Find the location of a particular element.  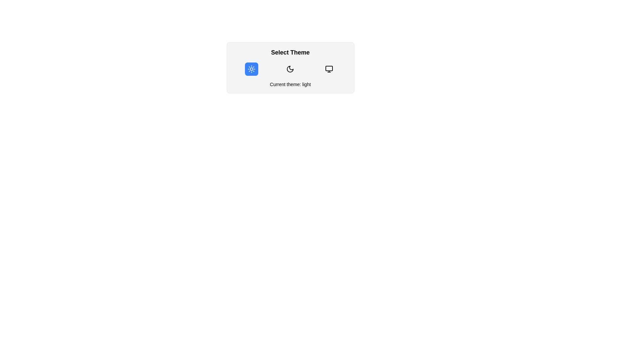

the crescent moon icon is located at coordinates (290, 69).